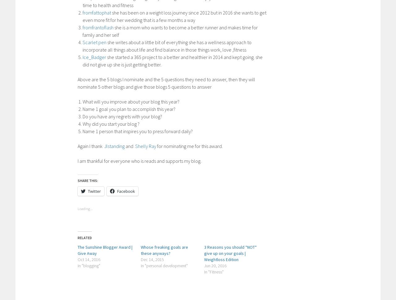 Image resolution: width=396 pixels, height=300 pixels. Describe the element at coordinates (77, 146) in the screenshot. I see `'Again I thank'` at that location.